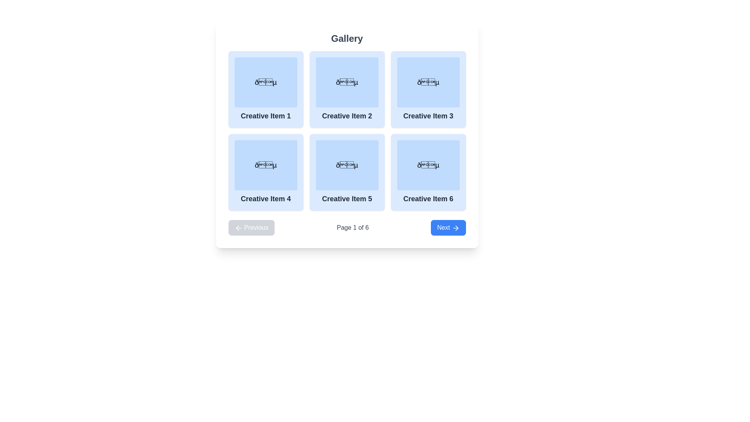  What do you see at coordinates (346, 172) in the screenshot?
I see `the interactive card located in the bottom row, second column of a 3x2 grid structure` at bounding box center [346, 172].